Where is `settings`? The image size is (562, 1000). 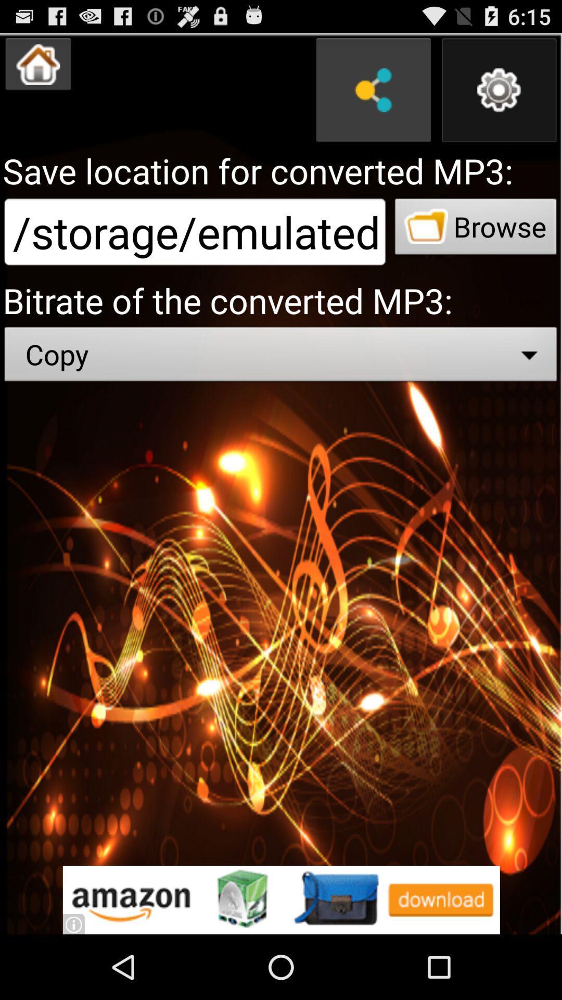 settings is located at coordinates (499, 90).